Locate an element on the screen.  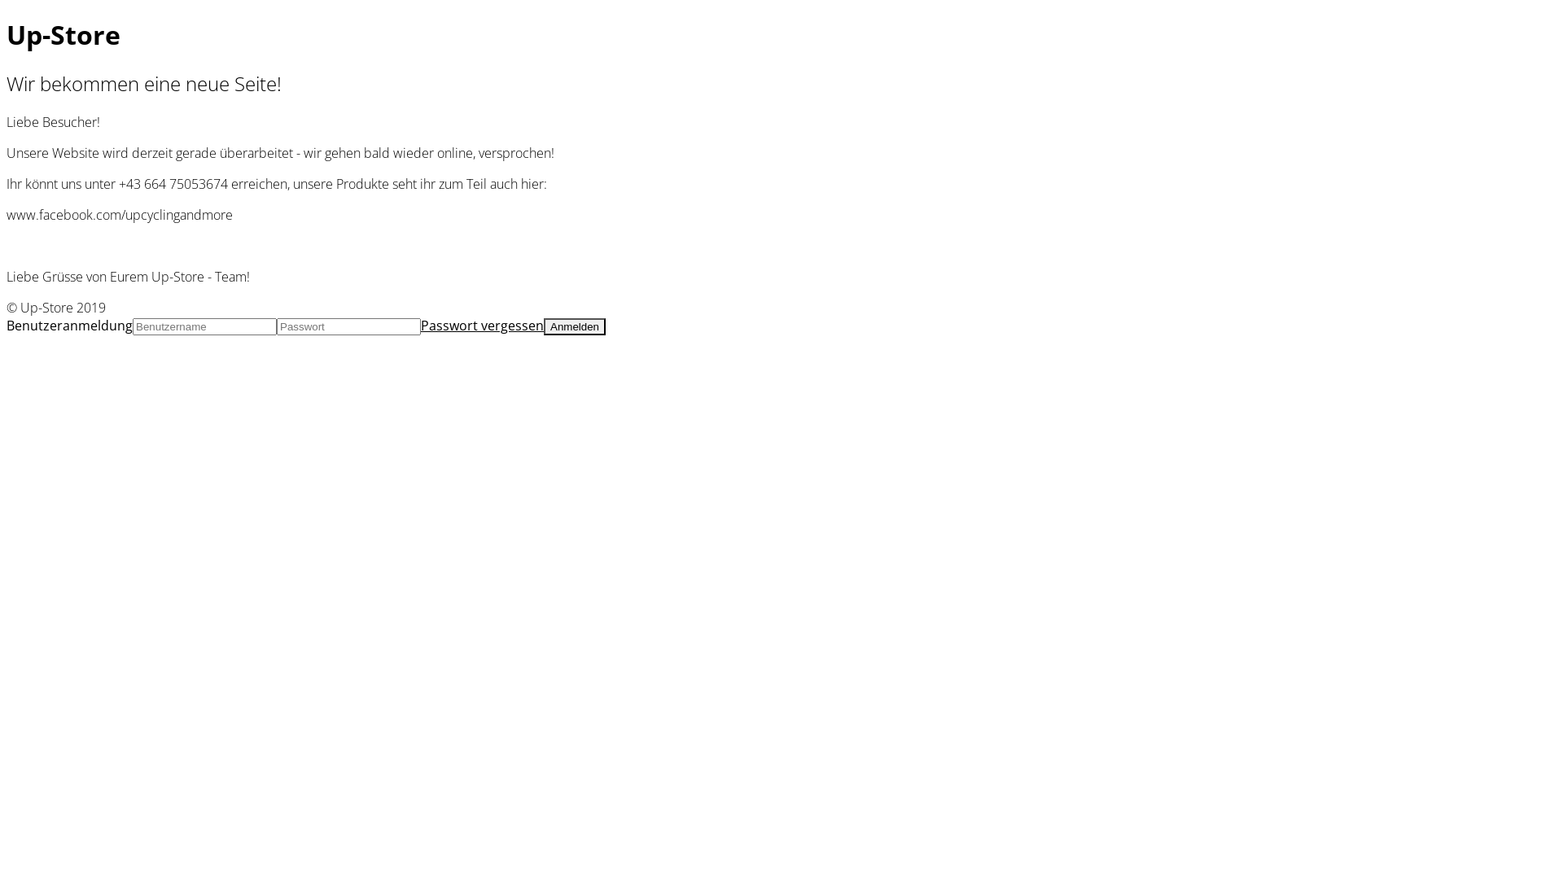
'Passwort vergessen' is located at coordinates (481, 326).